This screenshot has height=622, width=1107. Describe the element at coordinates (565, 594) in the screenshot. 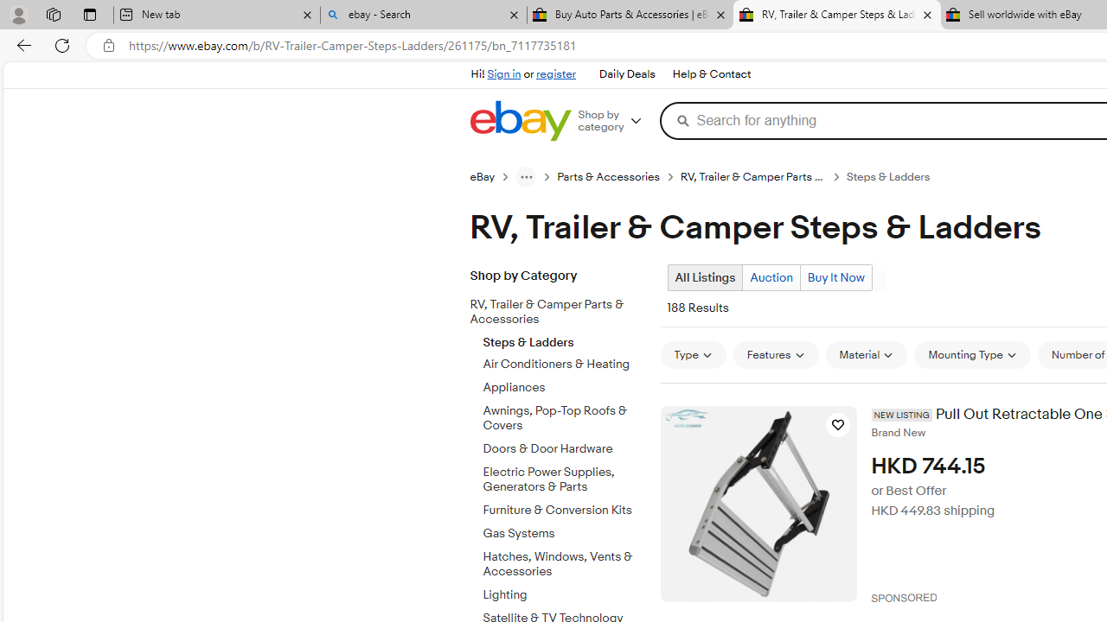

I see `'Lighting'` at that location.